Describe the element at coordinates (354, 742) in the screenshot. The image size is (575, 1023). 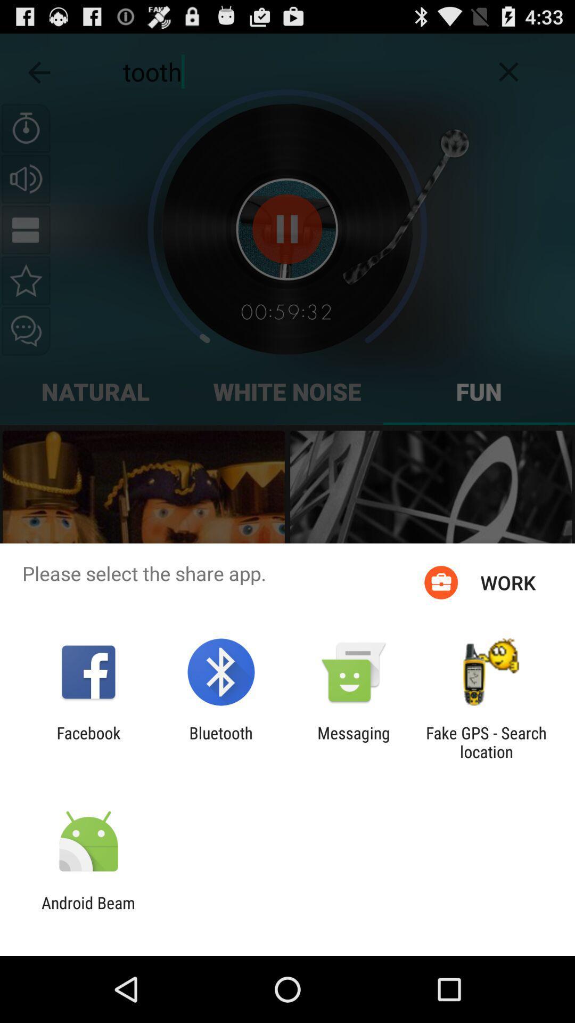
I see `icon to the left of the fake gps search app` at that location.